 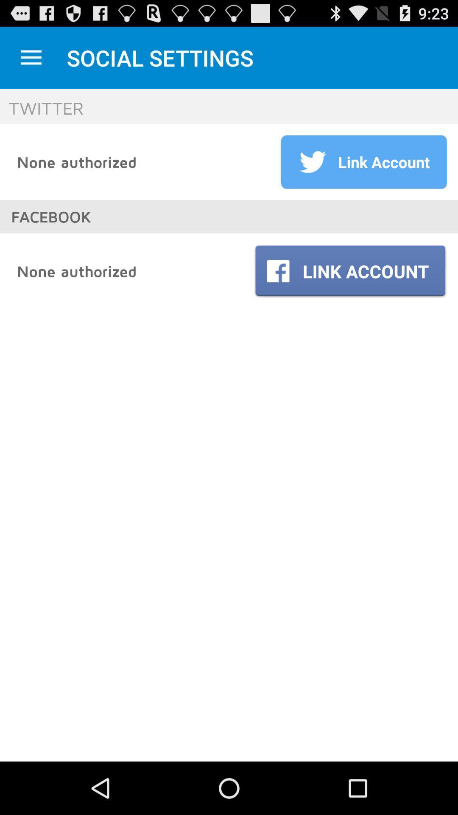 I want to click on icon above twitter icon, so click(x=31, y=57).